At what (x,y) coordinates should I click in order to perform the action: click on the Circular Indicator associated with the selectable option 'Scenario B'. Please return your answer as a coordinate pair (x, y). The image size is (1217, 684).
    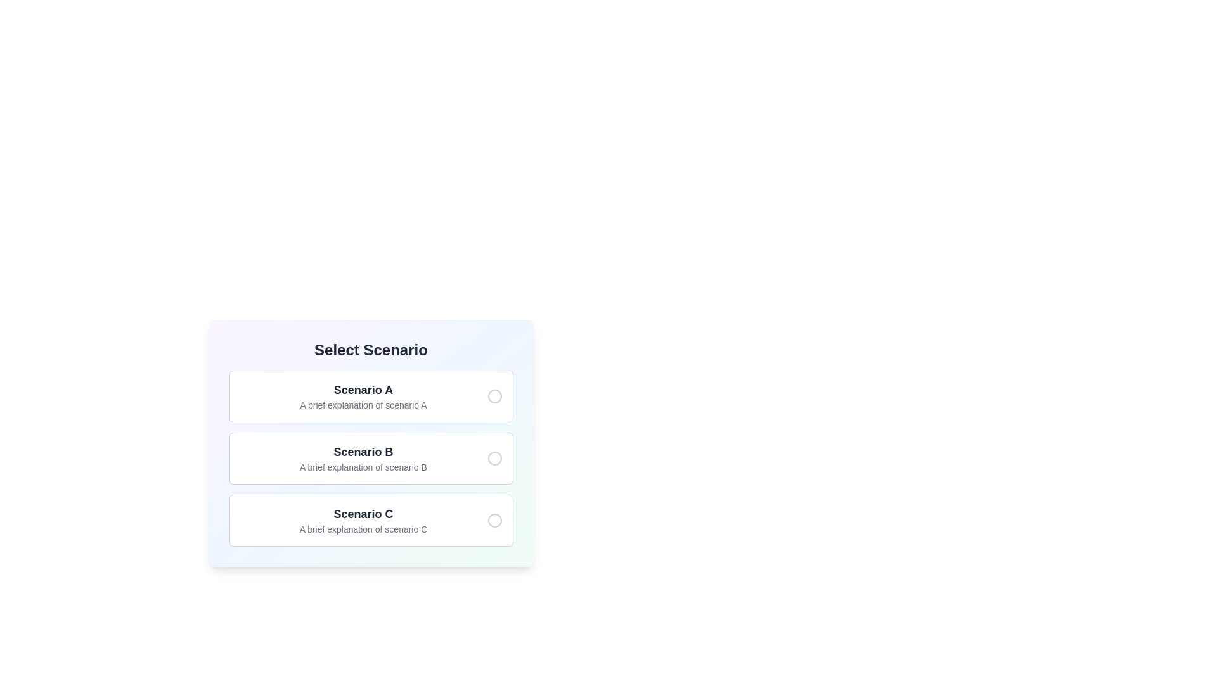
    Looking at the image, I should click on (494, 459).